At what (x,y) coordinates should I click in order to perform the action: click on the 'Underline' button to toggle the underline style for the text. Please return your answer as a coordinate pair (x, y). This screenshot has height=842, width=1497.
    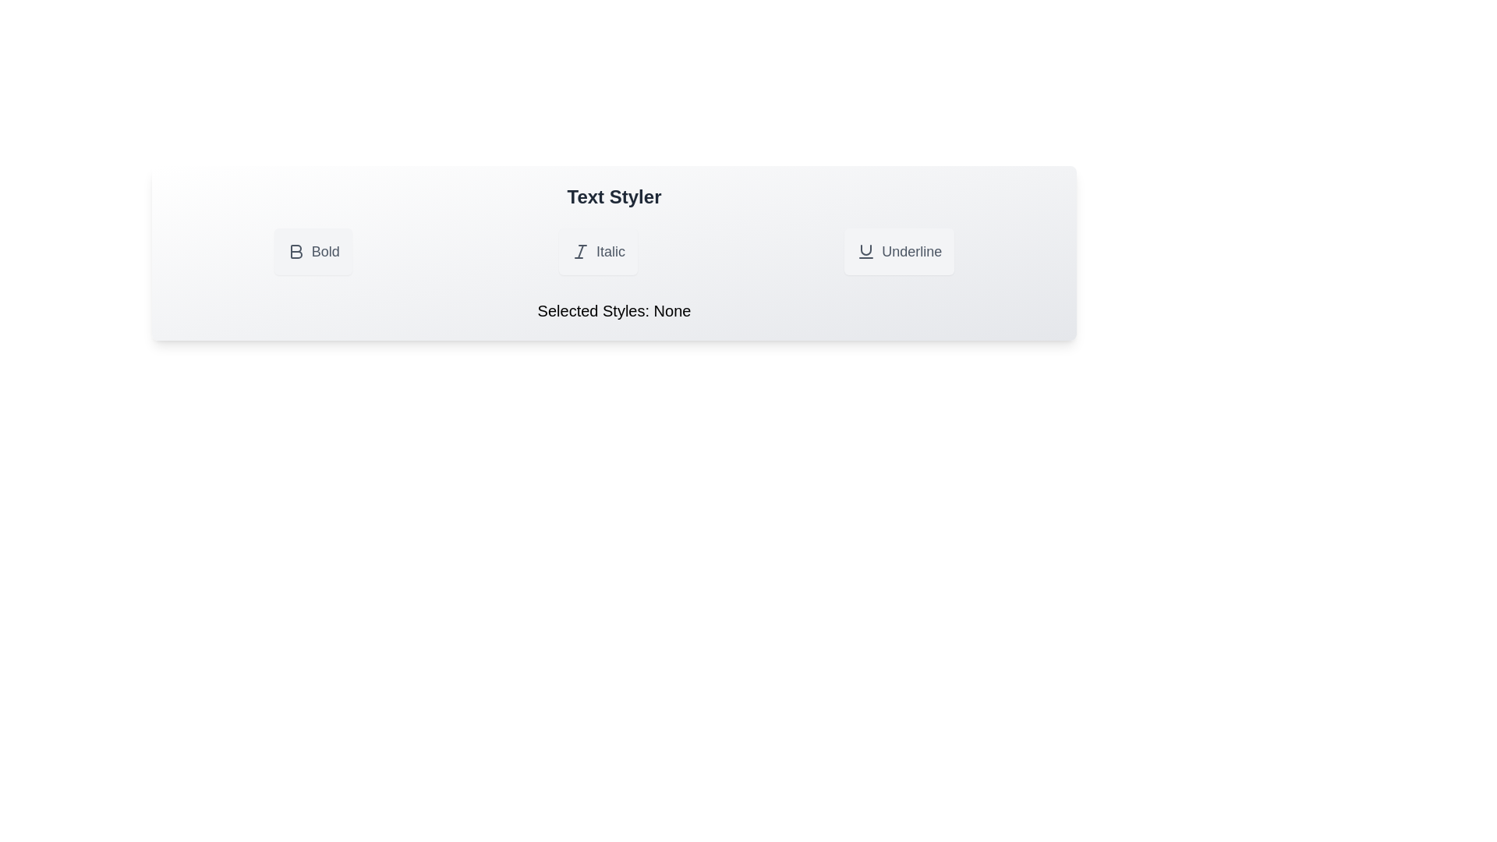
    Looking at the image, I should click on (898, 251).